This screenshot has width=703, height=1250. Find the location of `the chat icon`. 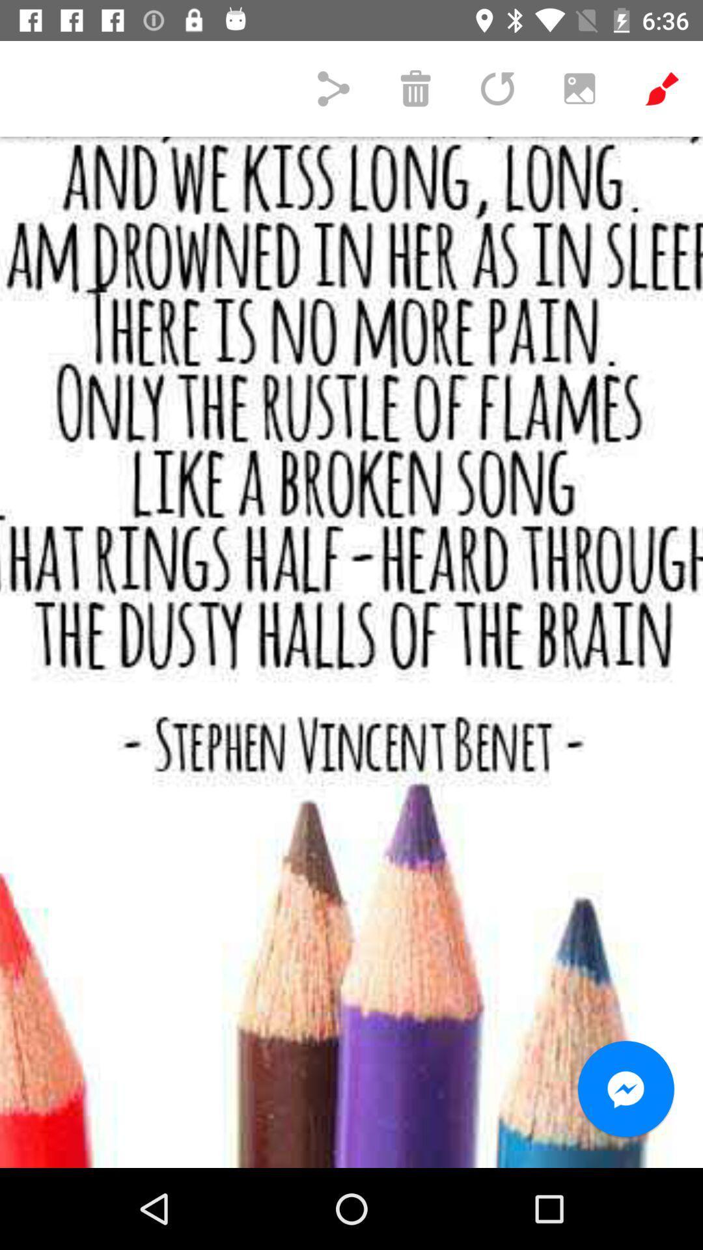

the chat icon is located at coordinates (625, 1090).